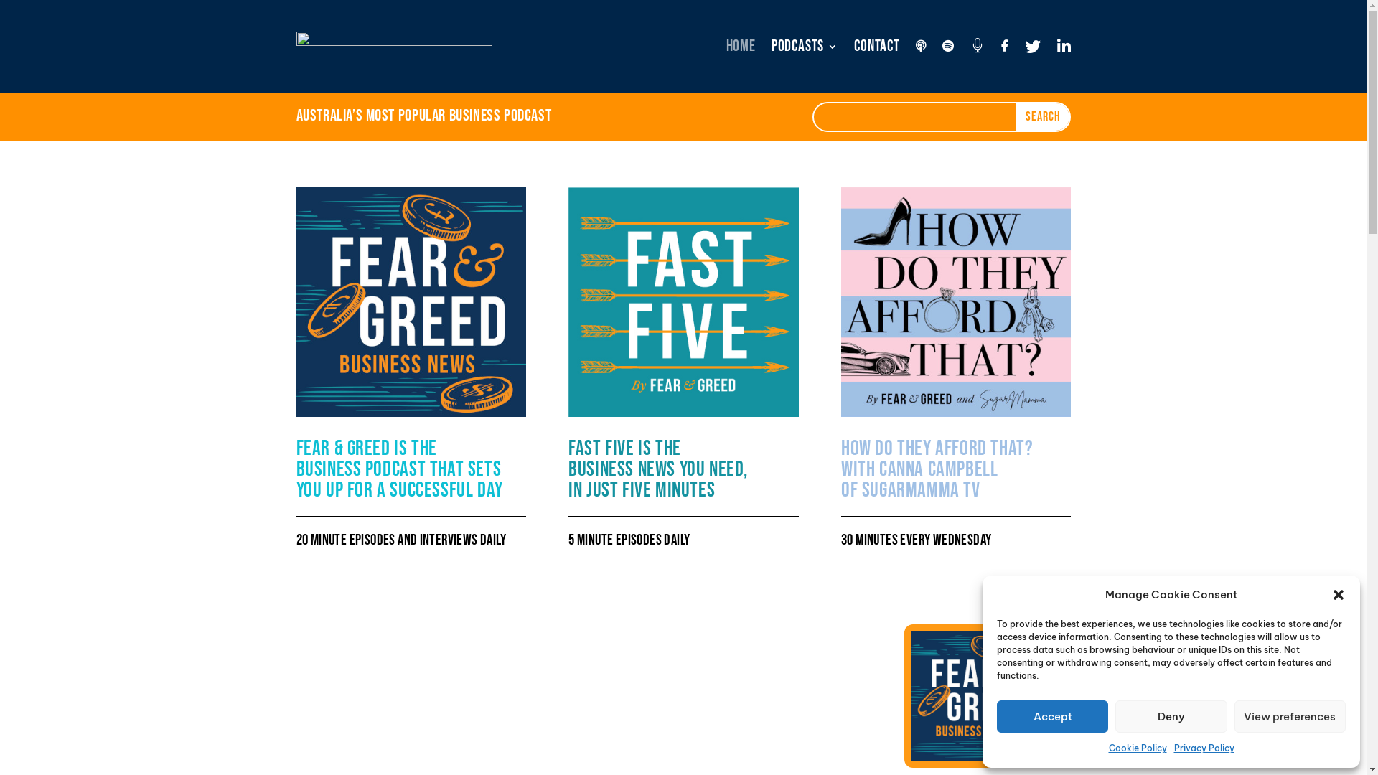 Image resolution: width=1378 pixels, height=775 pixels. I want to click on 'Cookie Policy', so click(1136, 747).